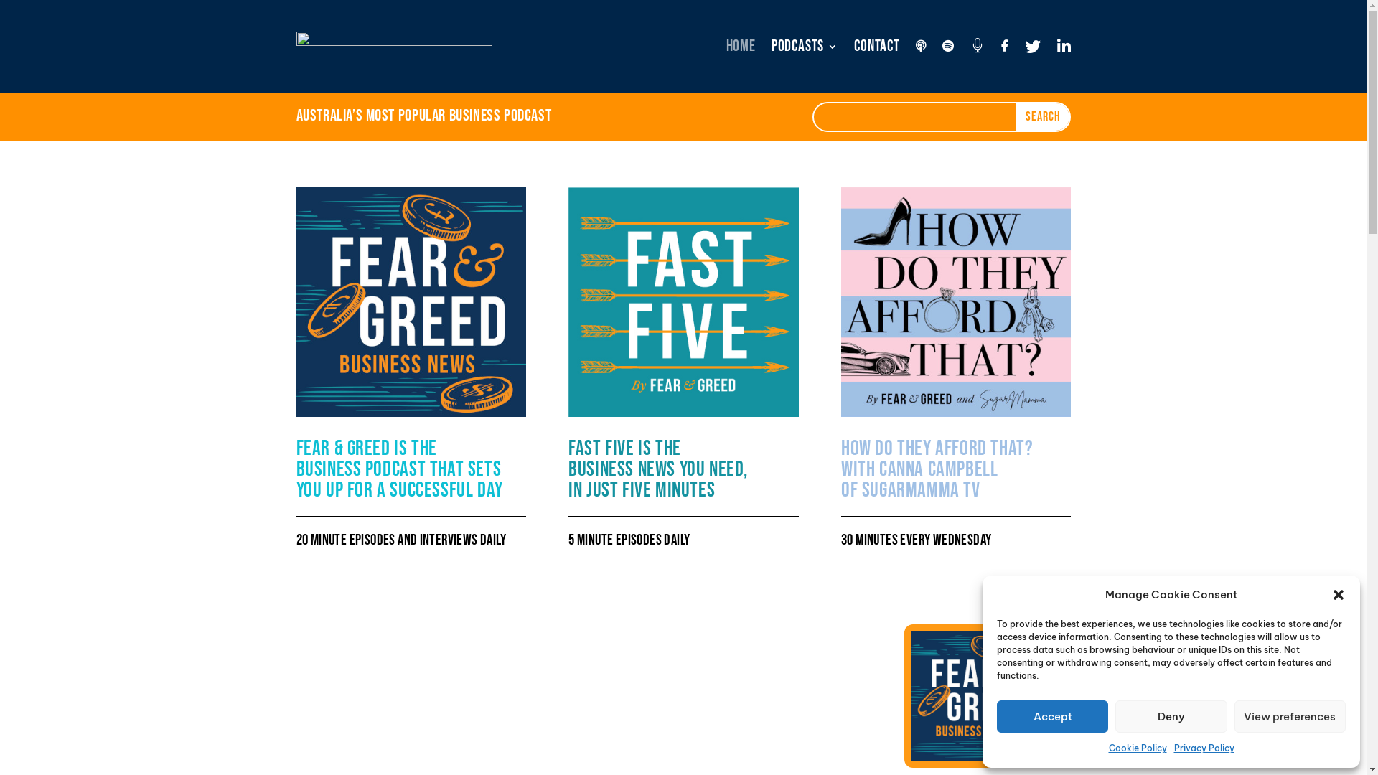 Image resolution: width=1378 pixels, height=775 pixels. I want to click on 'Cookie Policy', so click(1136, 747).